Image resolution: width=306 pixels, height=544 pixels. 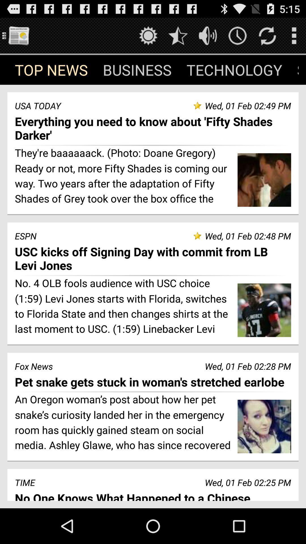 I want to click on the refresh icon, so click(x=267, y=38).